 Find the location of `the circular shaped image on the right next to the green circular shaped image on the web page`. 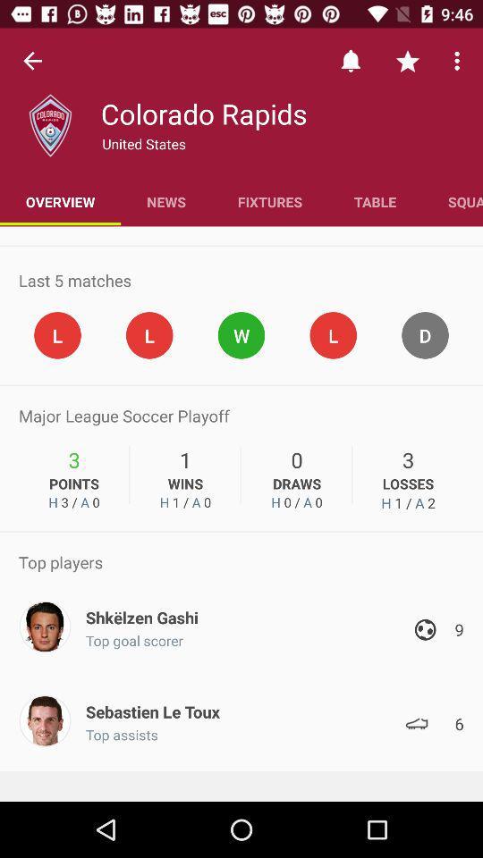

the circular shaped image on the right next to the green circular shaped image on the web page is located at coordinates (333, 334).